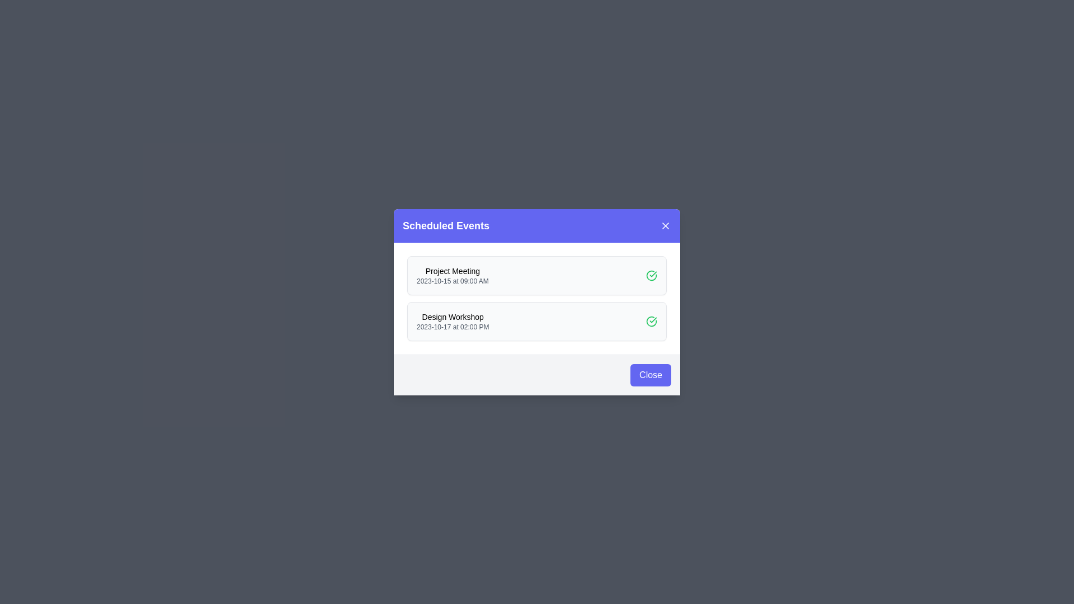  What do you see at coordinates (537, 275) in the screenshot?
I see `the first list item titled 'Project Meeting'` at bounding box center [537, 275].